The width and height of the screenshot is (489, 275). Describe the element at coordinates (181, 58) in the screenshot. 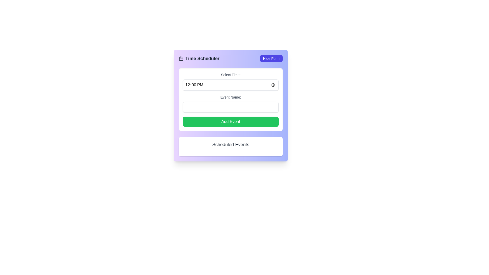

I see `the visual representation of the rectangular shape with rounded corners located within the calendar icon in the top left of the interface, adjacent to the 'Time Scheduler' title` at that location.